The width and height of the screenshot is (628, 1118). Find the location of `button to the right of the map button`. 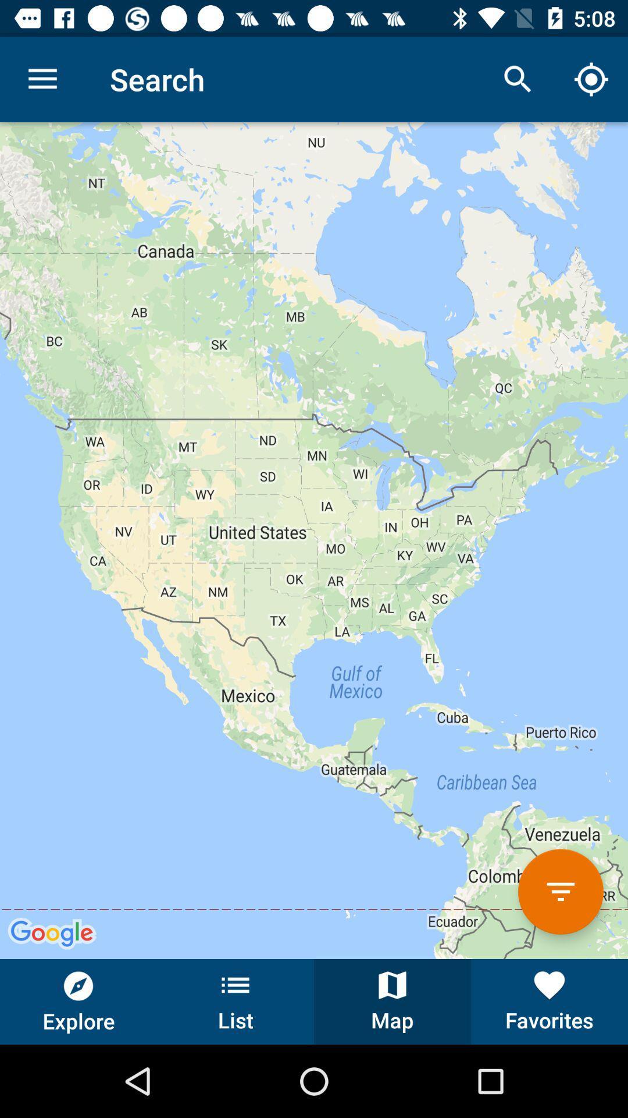

button to the right of the map button is located at coordinates (549, 1001).